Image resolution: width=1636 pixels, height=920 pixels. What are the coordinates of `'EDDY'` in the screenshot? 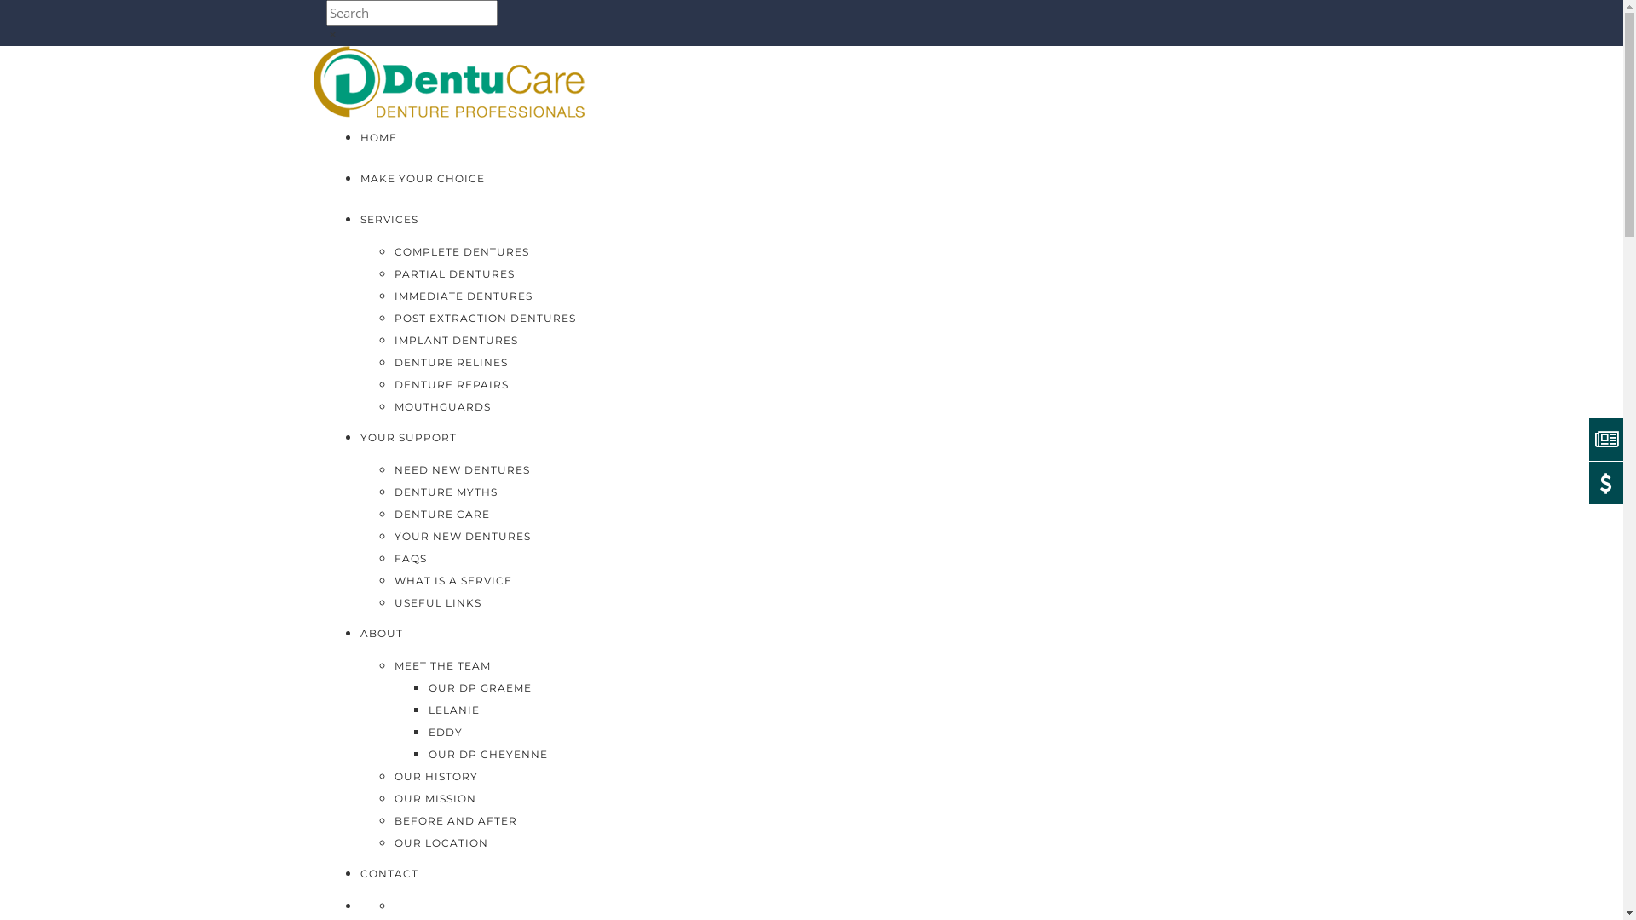 It's located at (428, 731).